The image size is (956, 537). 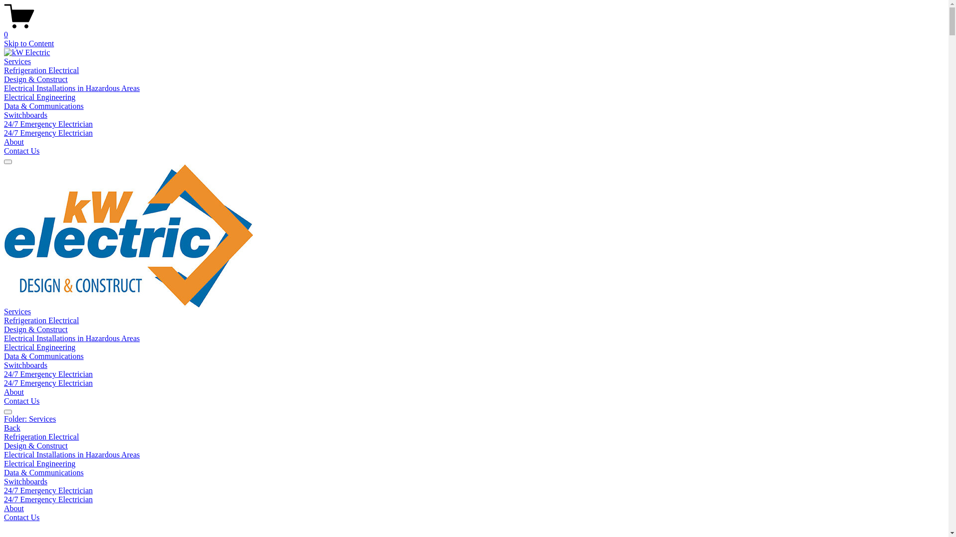 What do you see at coordinates (4, 338) in the screenshot?
I see `'Electrical Installations in Hazardous Areas'` at bounding box center [4, 338].